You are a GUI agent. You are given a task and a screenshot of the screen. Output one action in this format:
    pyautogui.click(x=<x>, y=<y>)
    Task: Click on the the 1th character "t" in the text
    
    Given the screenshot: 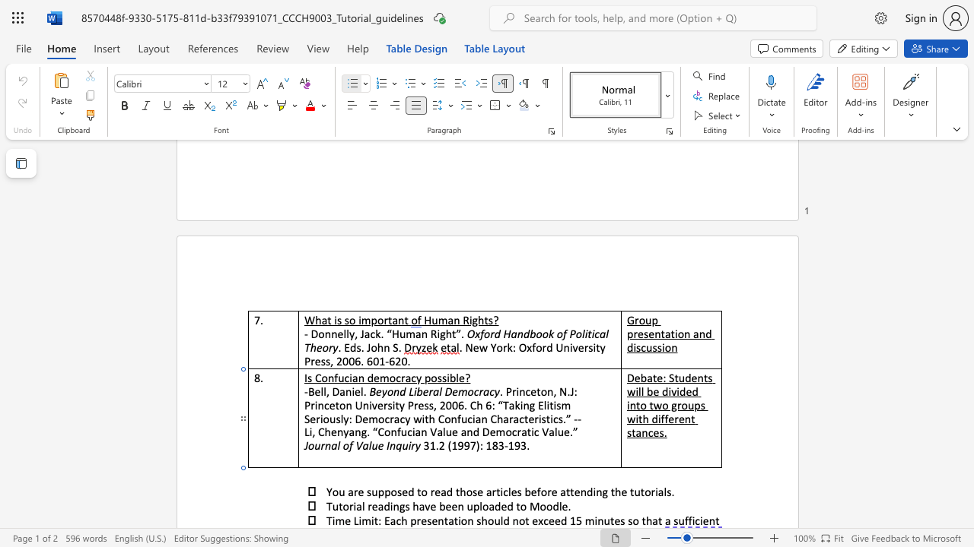 What is the action you would take?
    pyautogui.click(x=329, y=319)
    